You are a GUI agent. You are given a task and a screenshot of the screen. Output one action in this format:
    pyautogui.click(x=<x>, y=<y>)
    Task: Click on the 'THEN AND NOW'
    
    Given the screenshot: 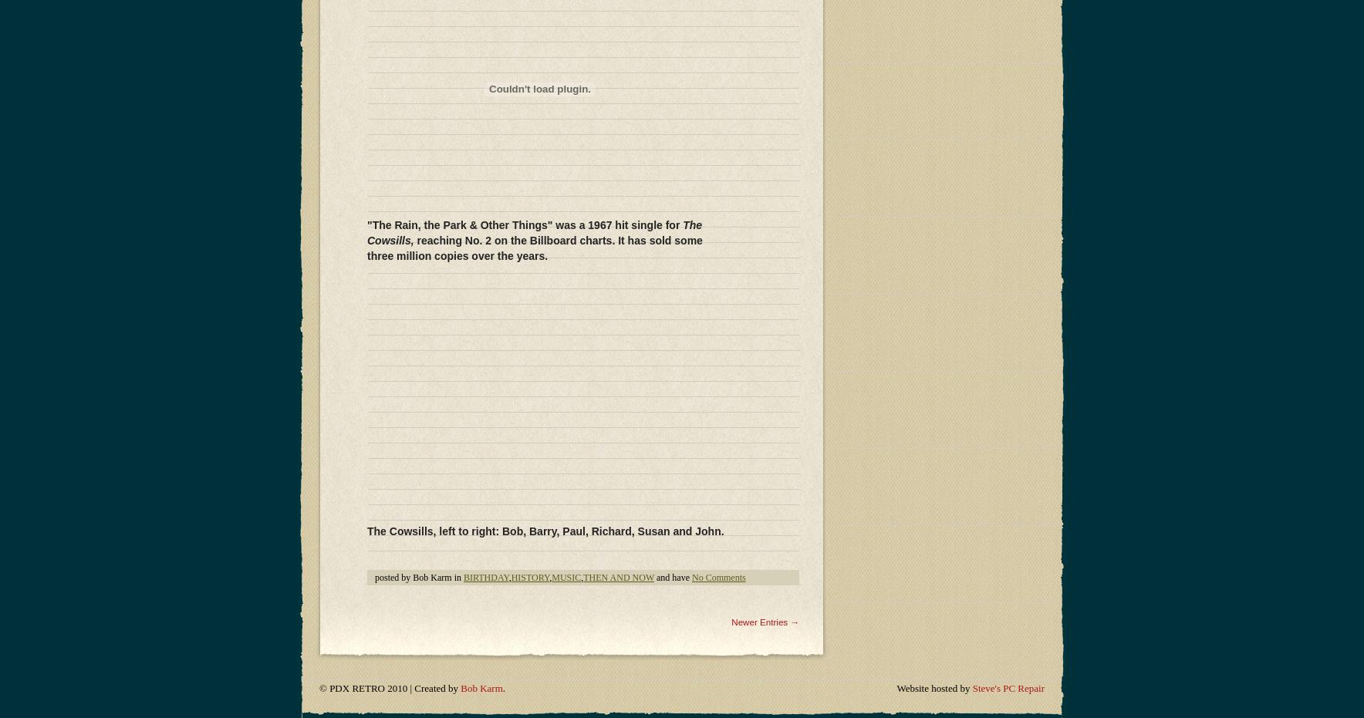 What is the action you would take?
    pyautogui.click(x=618, y=197)
    